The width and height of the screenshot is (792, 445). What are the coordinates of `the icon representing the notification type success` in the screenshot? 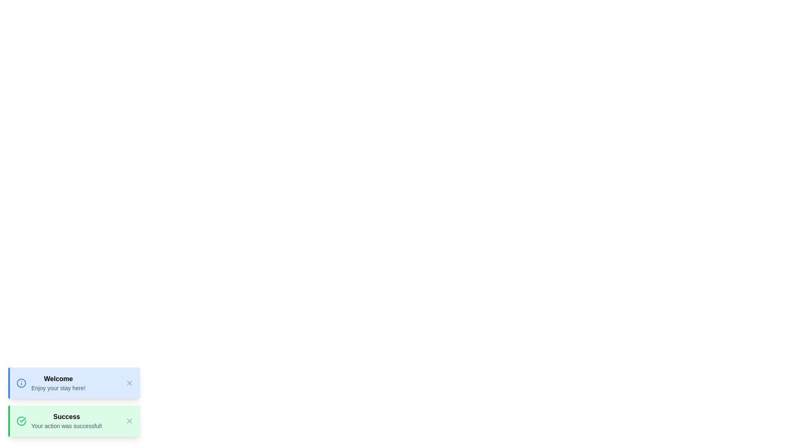 It's located at (21, 421).